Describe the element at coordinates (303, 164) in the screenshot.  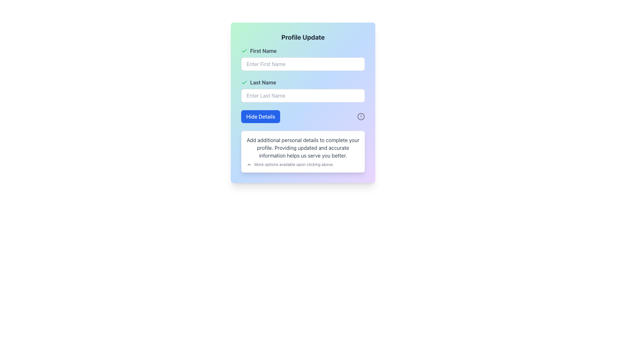
I see `information provided in the text block with an icon located in the lower section of the profile update card` at that location.